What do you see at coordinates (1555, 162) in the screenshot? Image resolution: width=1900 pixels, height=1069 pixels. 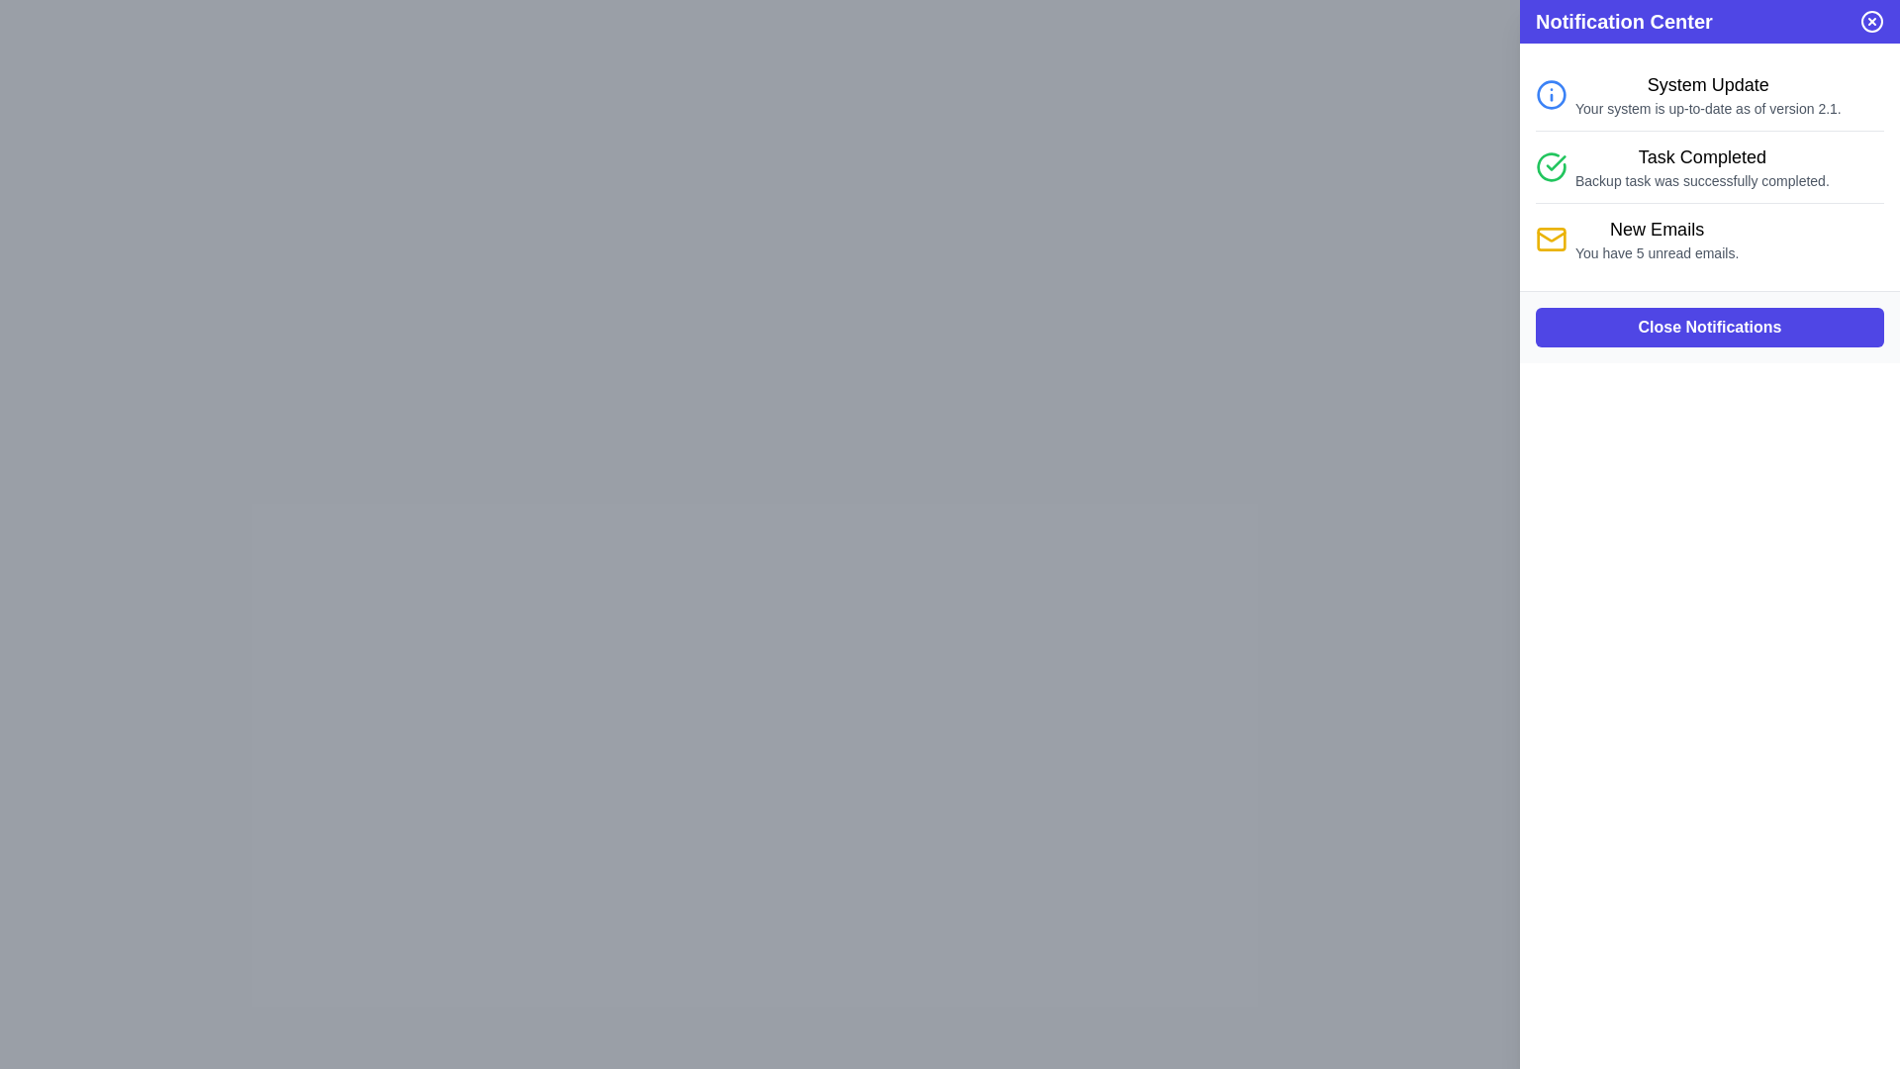 I see `the green check mark icon that indicates 'Task Completed' notification, located in the second notification entry` at bounding box center [1555, 162].